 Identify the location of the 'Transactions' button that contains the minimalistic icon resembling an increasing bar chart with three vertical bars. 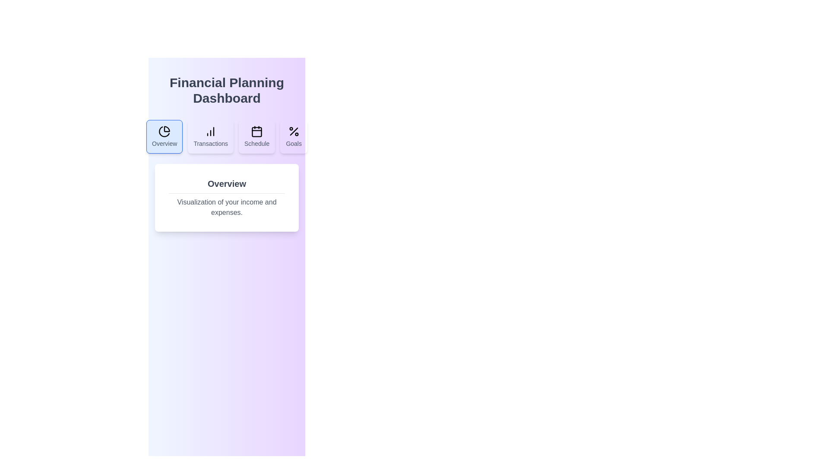
(211, 131).